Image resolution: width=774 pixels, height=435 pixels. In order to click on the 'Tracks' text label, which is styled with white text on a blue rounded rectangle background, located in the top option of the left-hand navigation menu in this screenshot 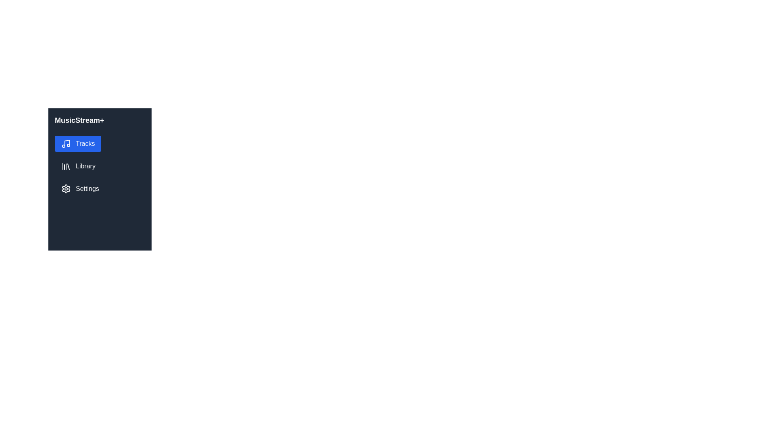, I will do `click(85, 143)`.